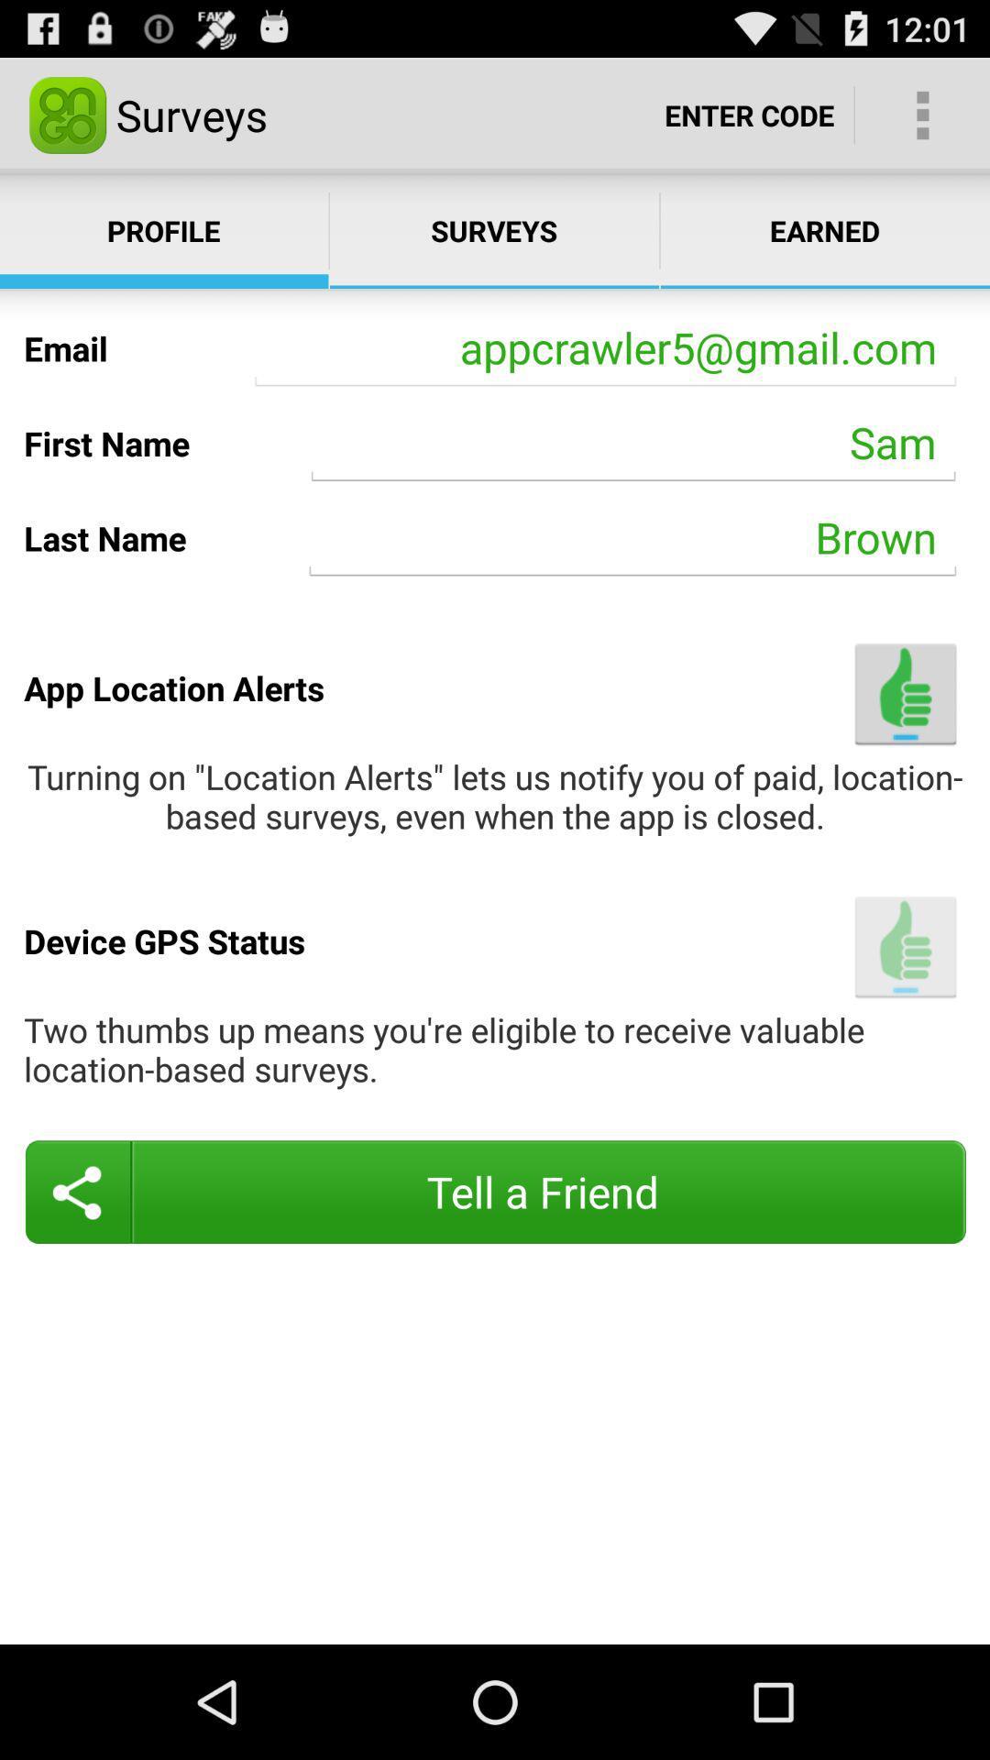 This screenshot has height=1760, width=990. Describe the element at coordinates (922, 114) in the screenshot. I see `the icon next to the enter code icon` at that location.